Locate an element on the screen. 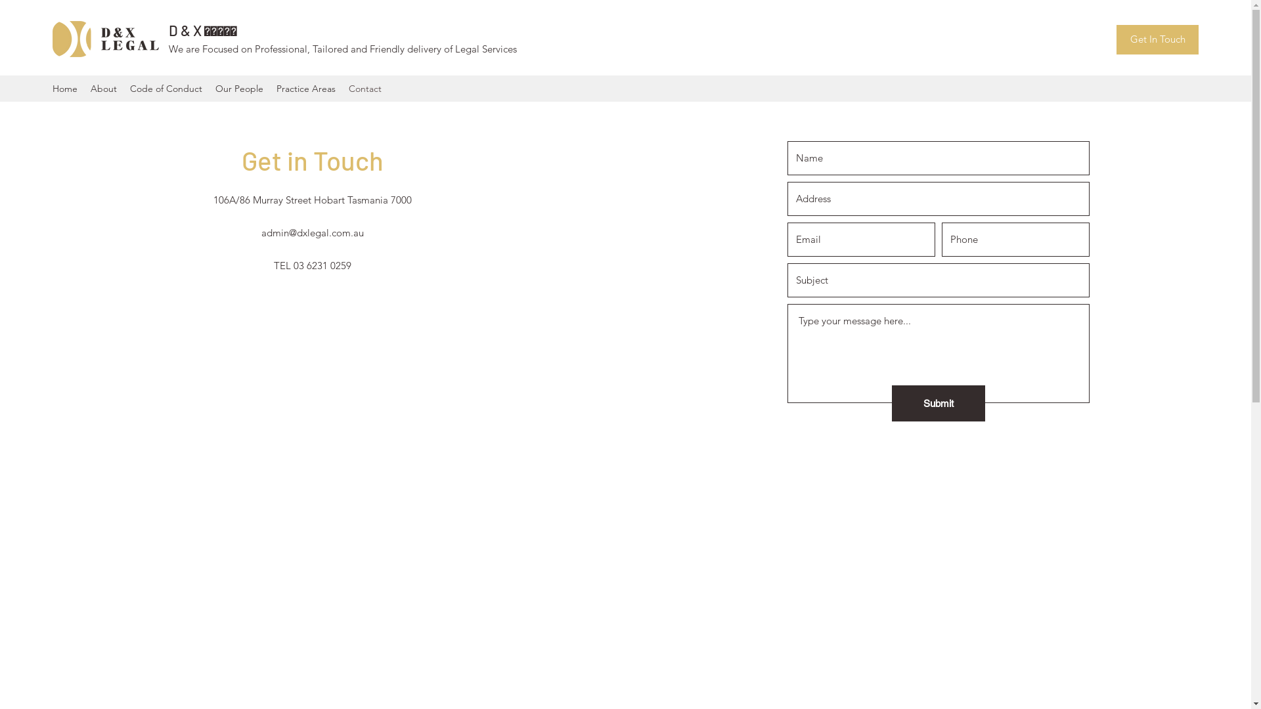 The image size is (1261, 709). 'Home' is located at coordinates (64, 89).